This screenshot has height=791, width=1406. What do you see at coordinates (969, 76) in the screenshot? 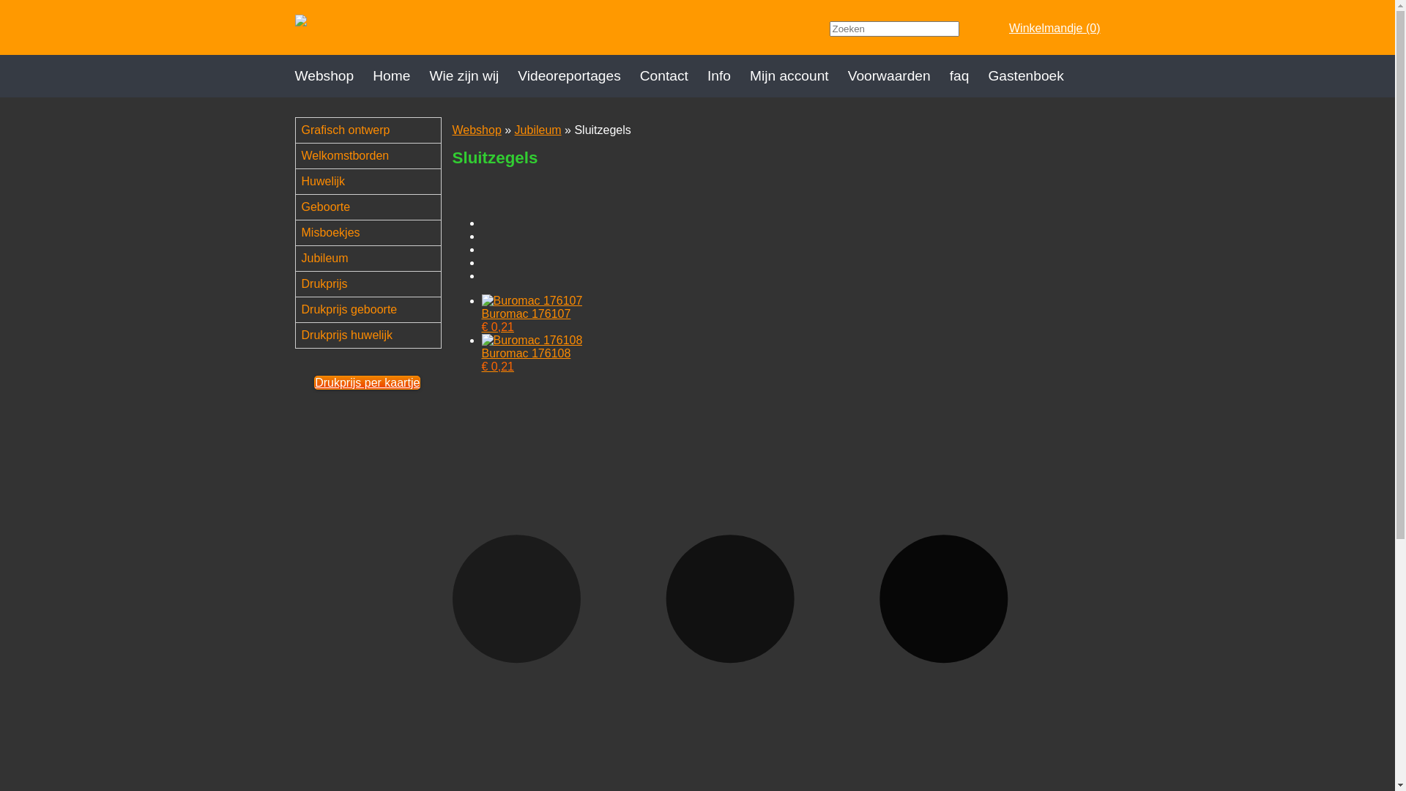
I see `'faq'` at bounding box center [969, 76].